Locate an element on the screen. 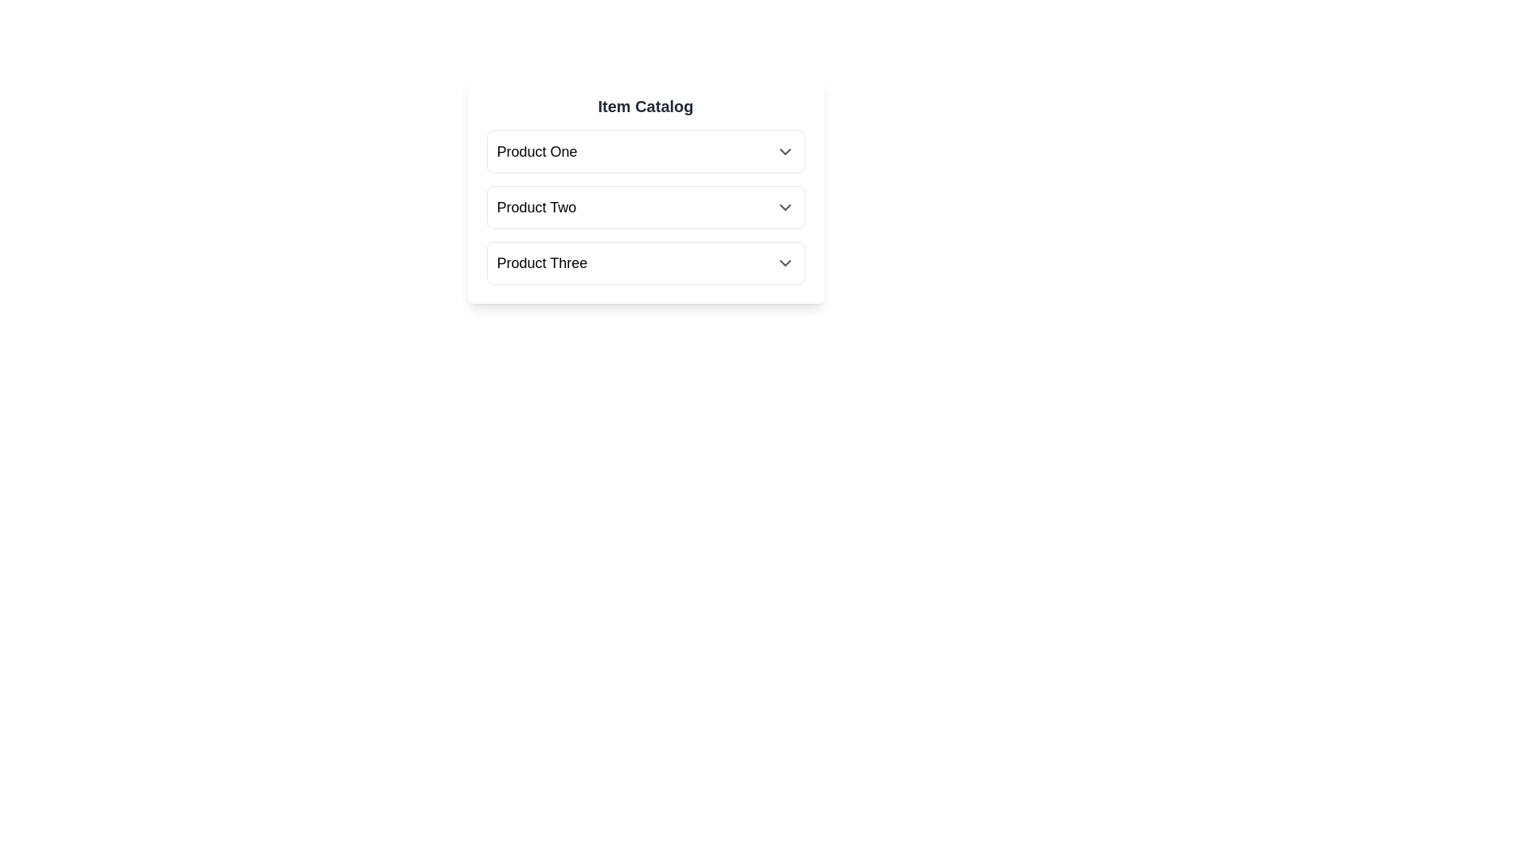  the product name Product Three to toggle its selection is located at coordinates (542, 262).